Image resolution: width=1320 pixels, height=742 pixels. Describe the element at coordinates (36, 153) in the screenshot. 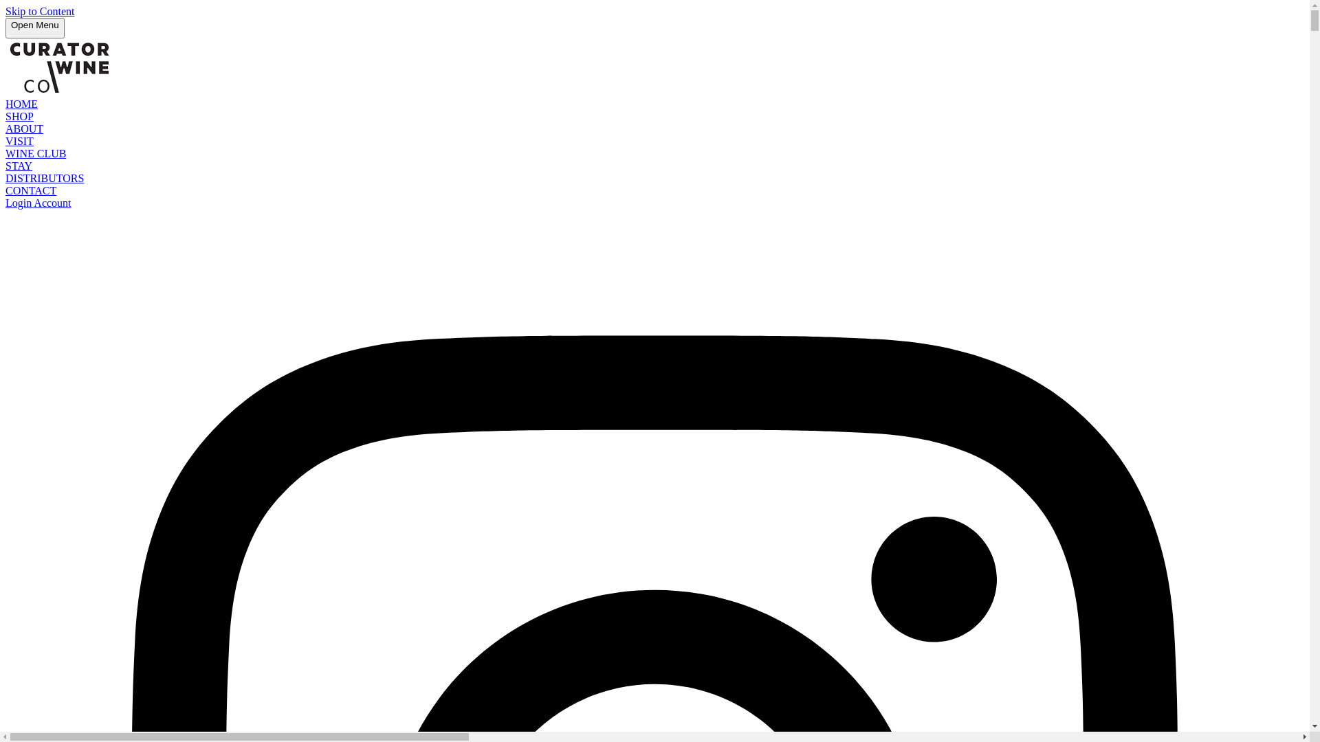

I see `'WINE CLUB'` at that location.